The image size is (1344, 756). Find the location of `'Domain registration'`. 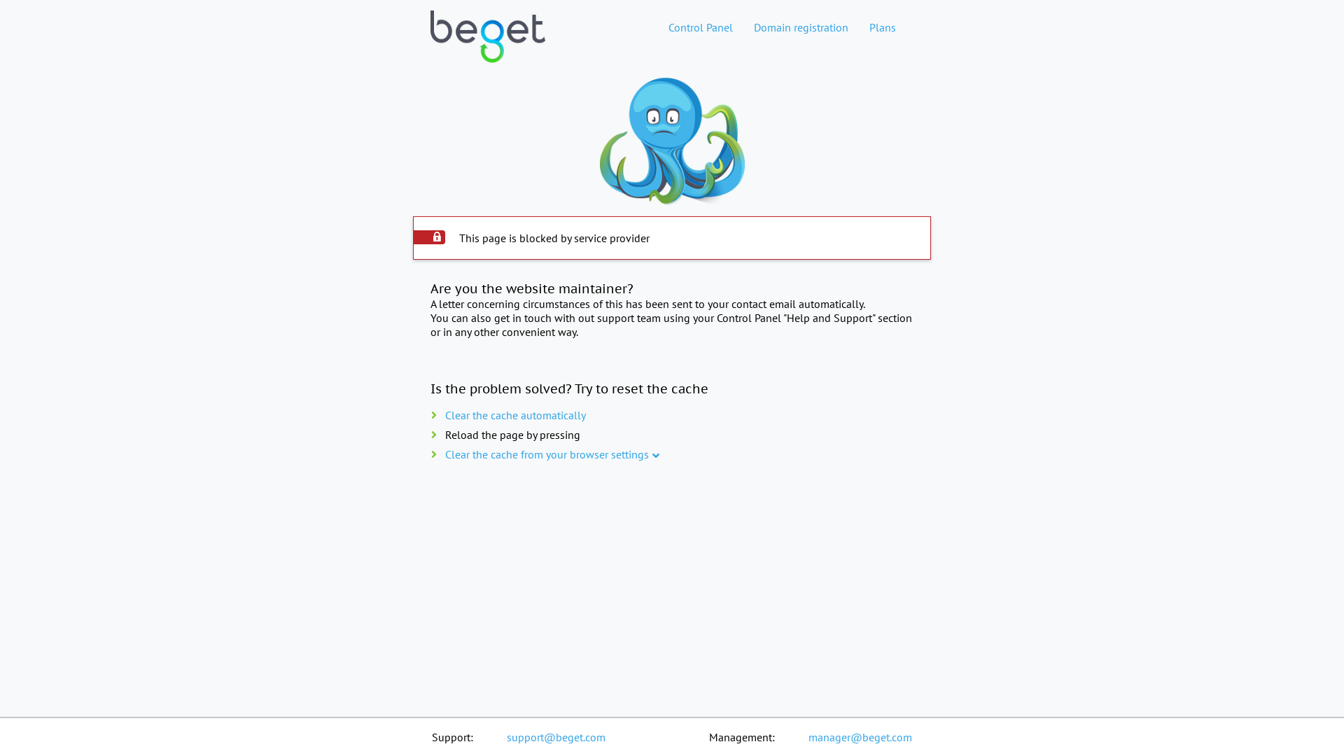

'Domain registration' is located at coordinates (801, 27).